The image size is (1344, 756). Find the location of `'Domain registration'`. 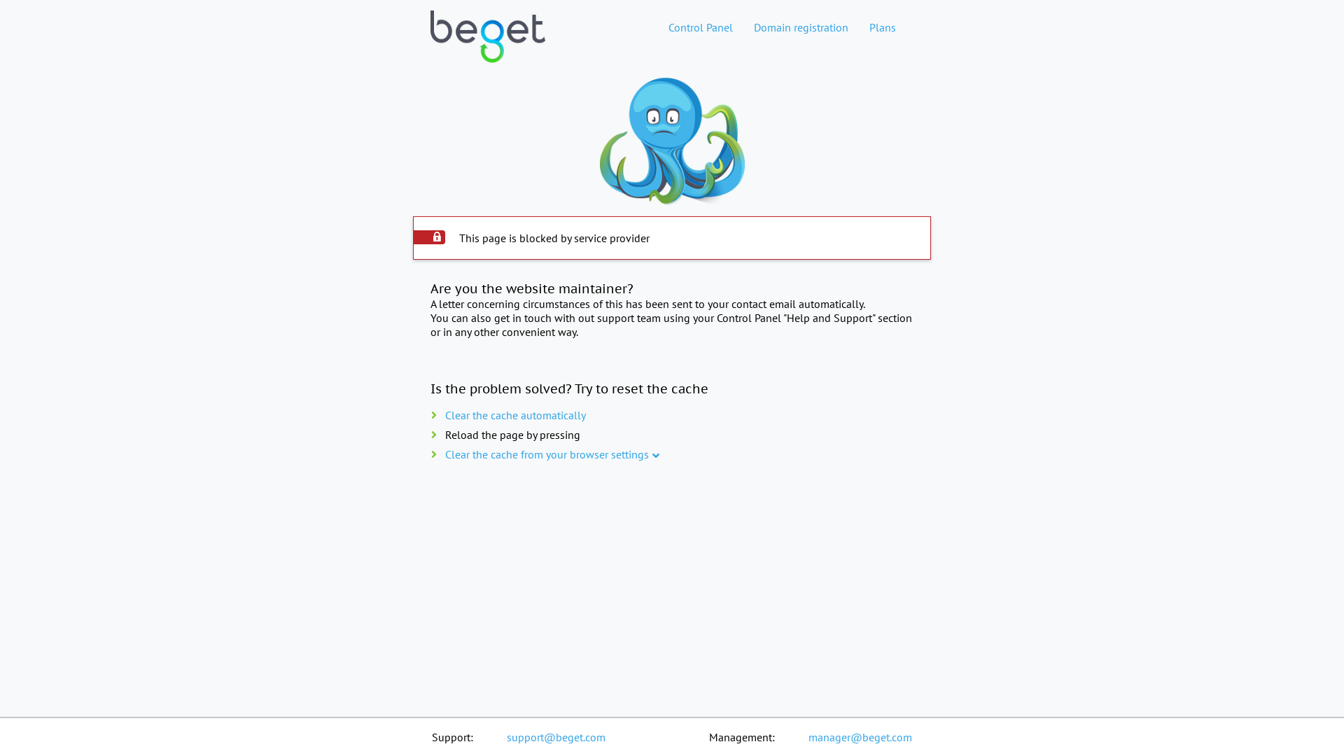

'Domain registration' is located at coordinates (801, 27).